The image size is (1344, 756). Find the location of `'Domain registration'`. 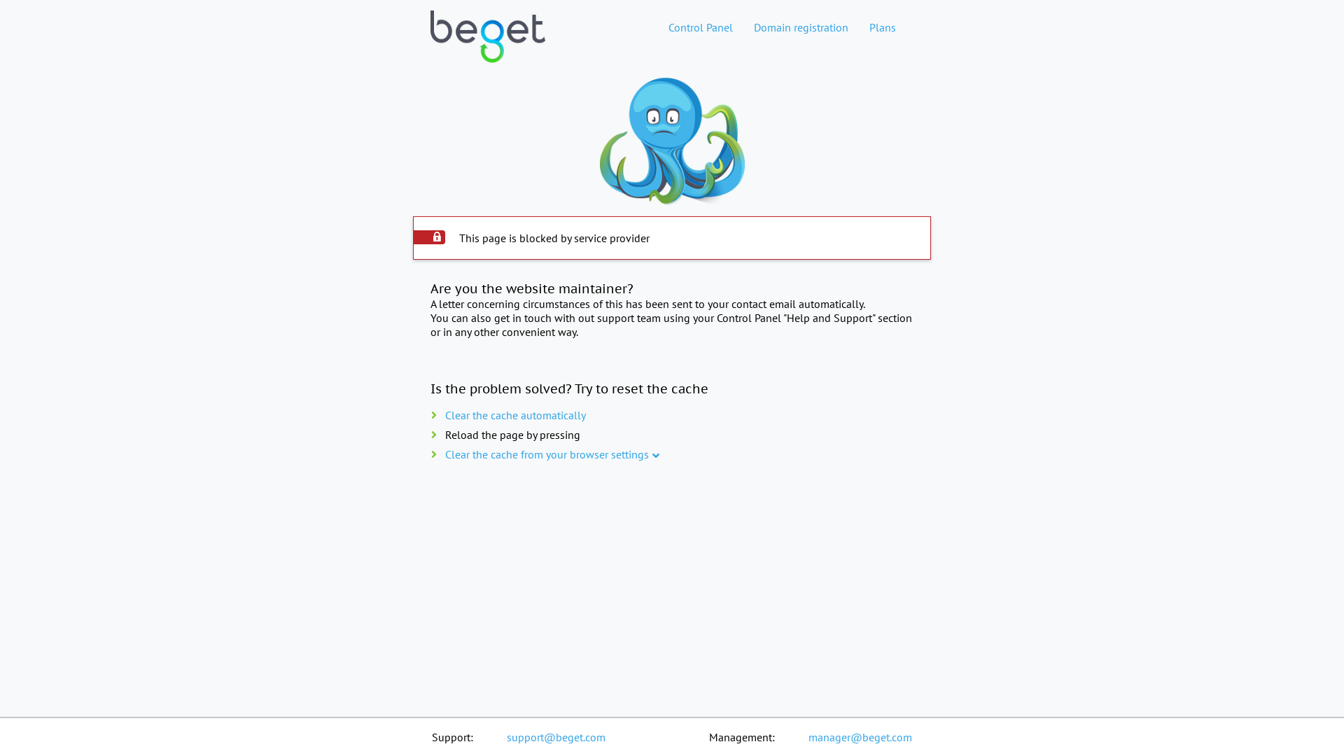

'Domain registration' is located at coordinates (801, 27).